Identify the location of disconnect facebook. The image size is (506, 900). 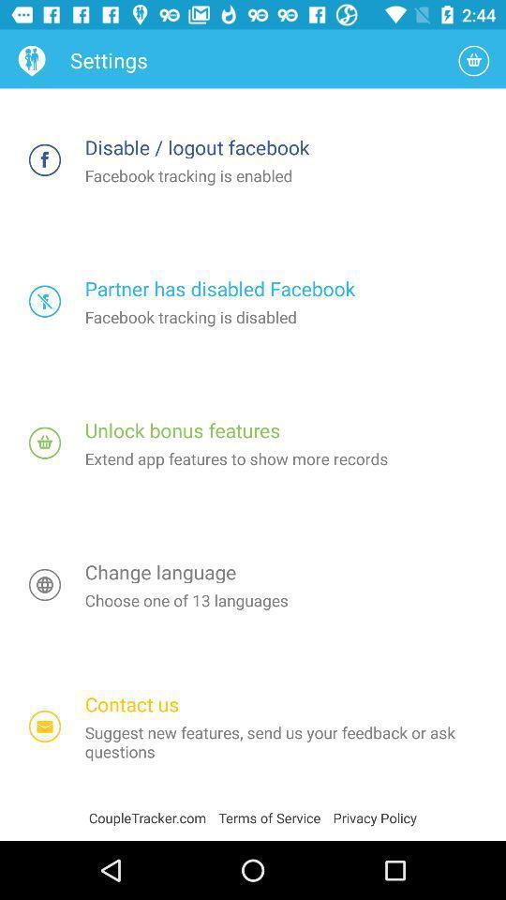
(45, 158).